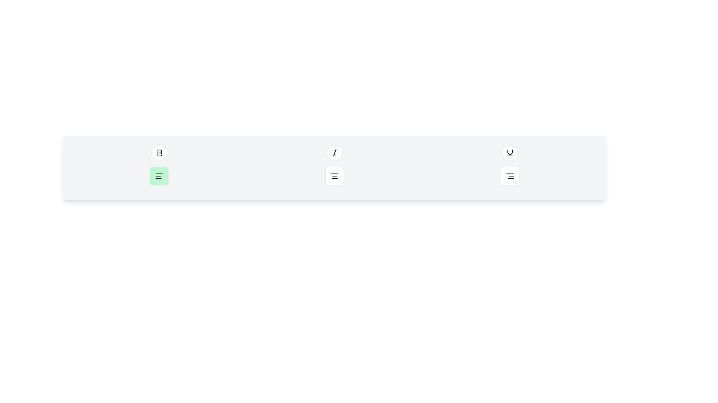  Describe the element at coordinates (159, 176) in the screenshot. I see `the icon displaying three horizontal lines, which is located centrally within a light green square button` at that location.